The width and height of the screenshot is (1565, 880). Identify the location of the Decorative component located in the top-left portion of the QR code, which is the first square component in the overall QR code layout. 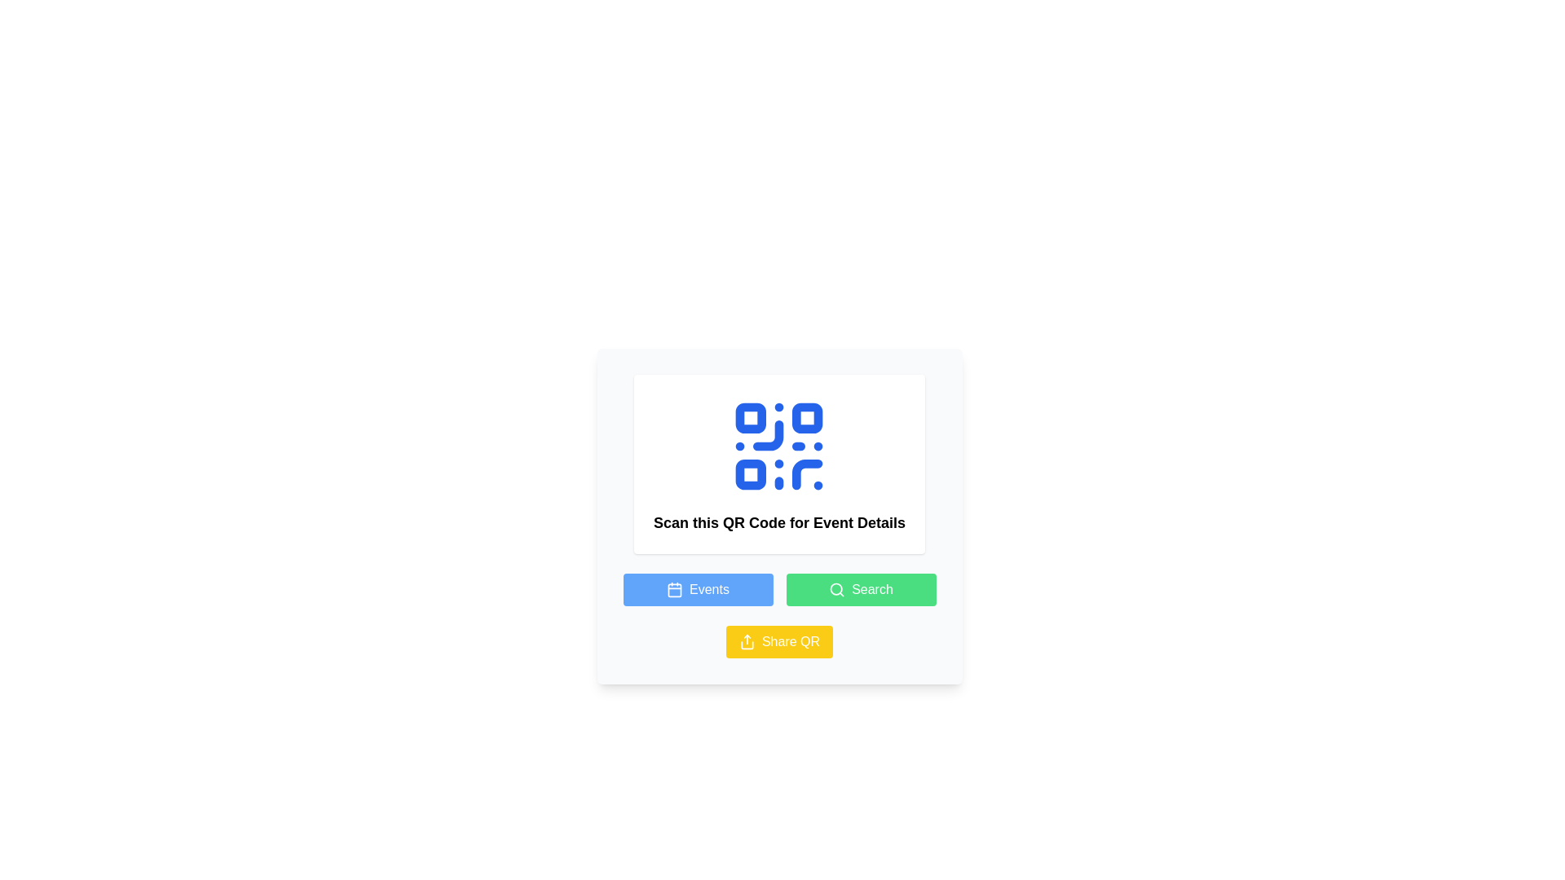
(750, 417).